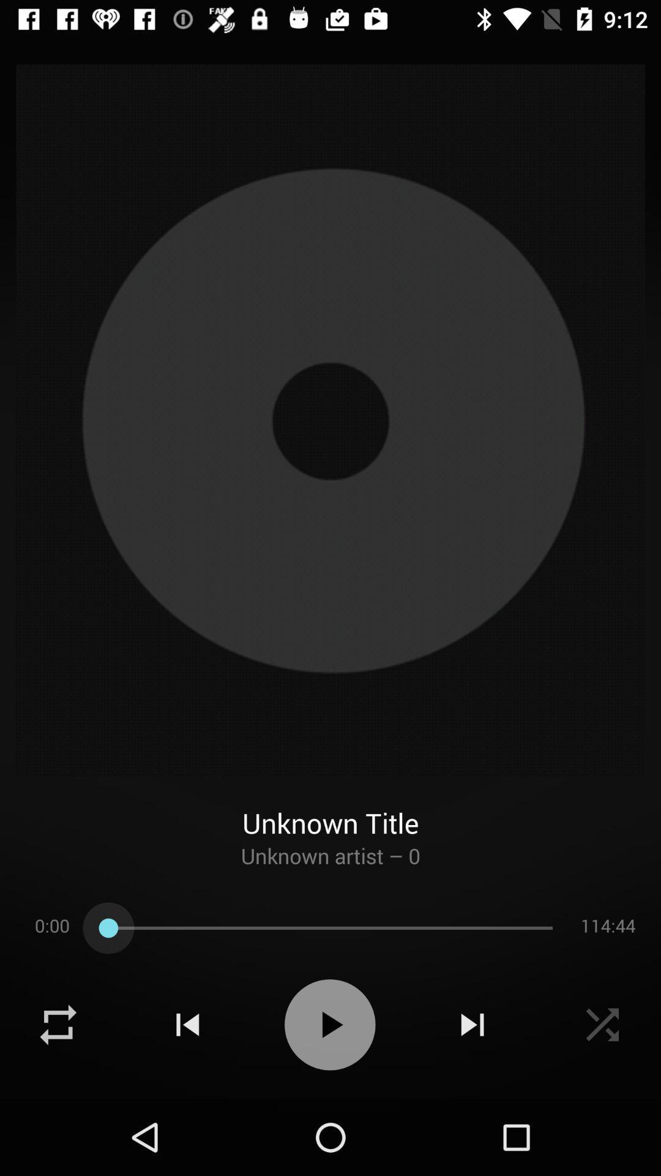  I want to click on click on the next button, so click(472, 1025).